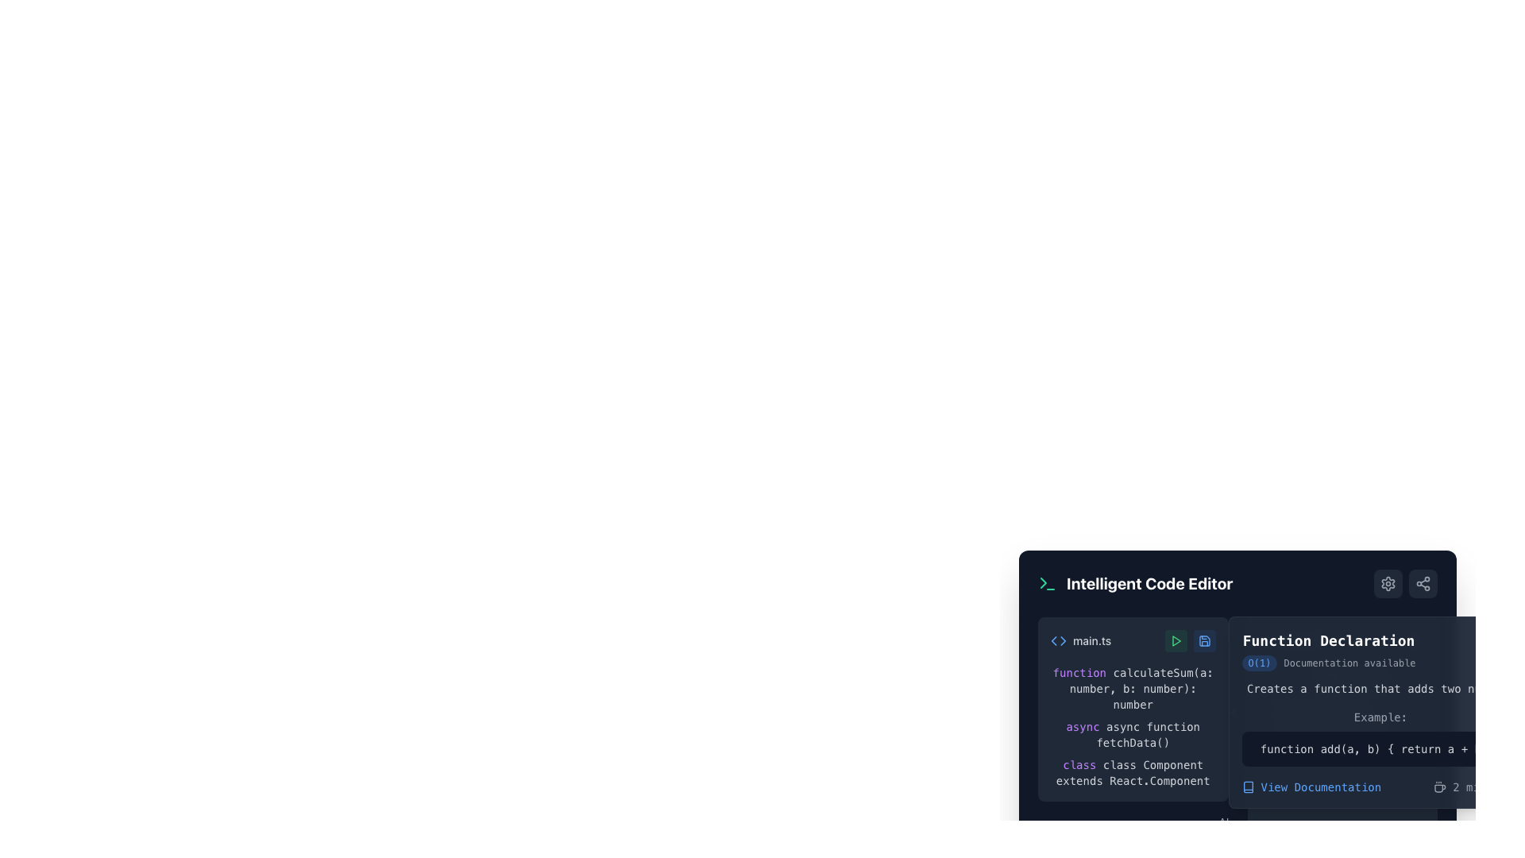 This screenshot has height=858, width=1525. Describe the element at coordinates (1440, 787) in the screenshot. I see `the coffee cup icon, which is a minimalist line drawing located to the left of the text '2 min read'` at that location.